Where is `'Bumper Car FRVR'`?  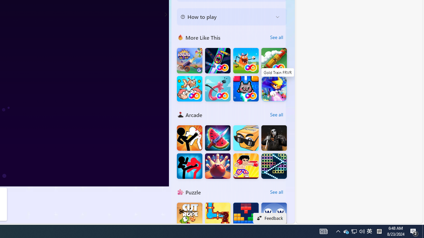
'Bumper Car FRVR' is located at coordinates (218, 60).